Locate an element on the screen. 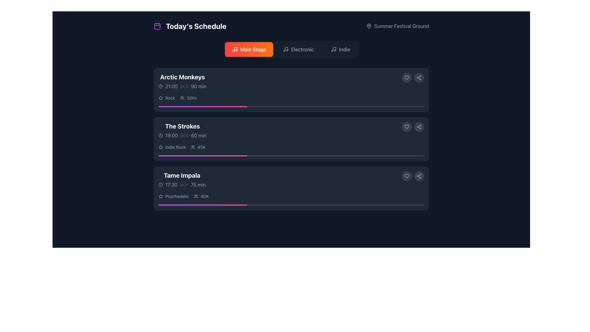  the music note icon within the 'Main Stage' button, which is a rounded rectangle with a gradient from red to orange, located below the 'Today's Schedule' title is located at coordinates (235, 49).